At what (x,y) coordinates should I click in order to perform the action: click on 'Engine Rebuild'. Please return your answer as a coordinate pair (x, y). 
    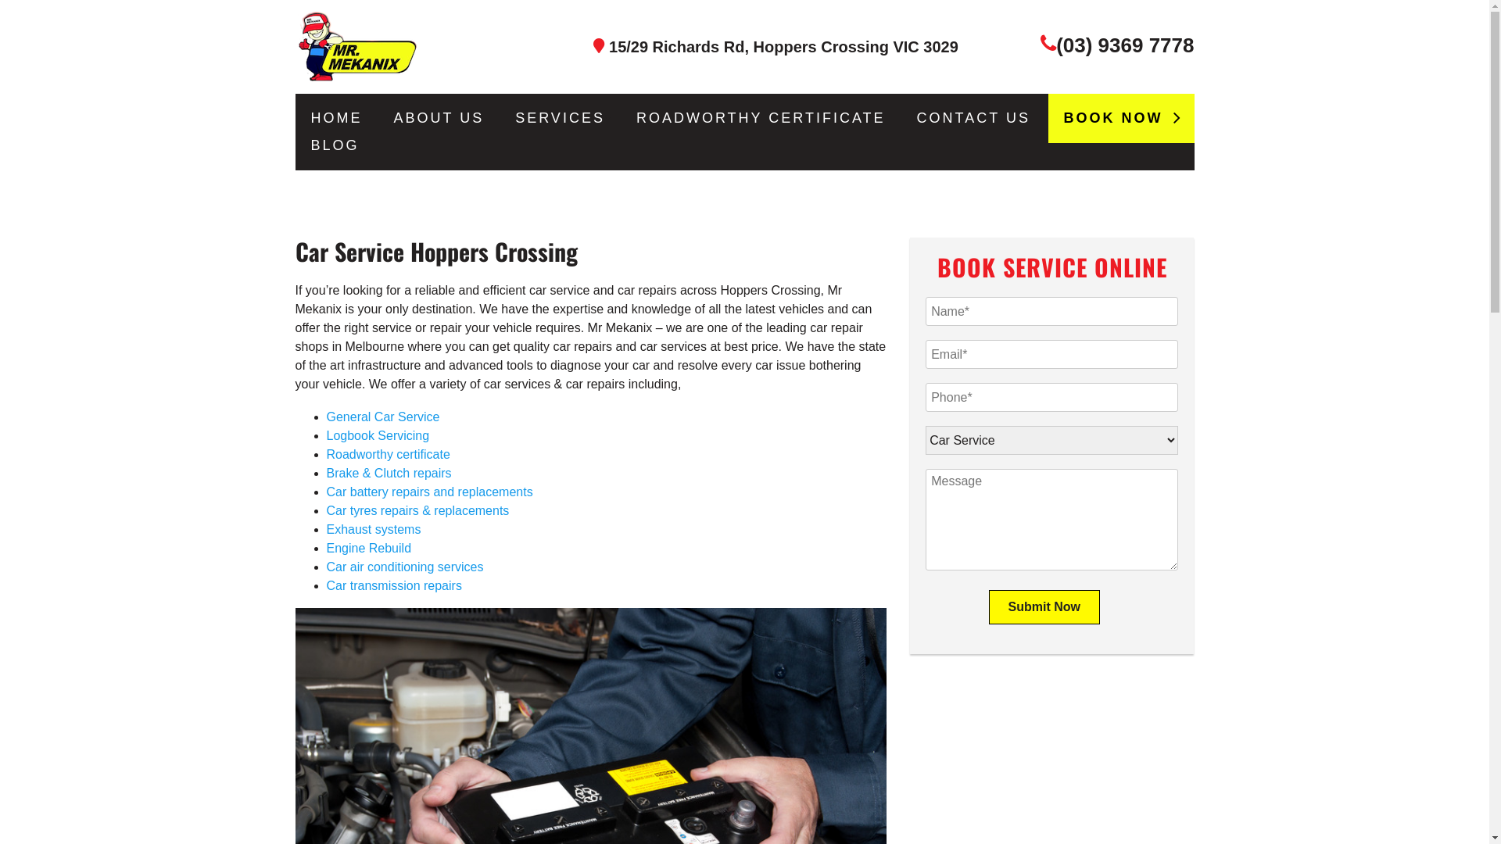
    Looking at the image, I should click on (368, 547).